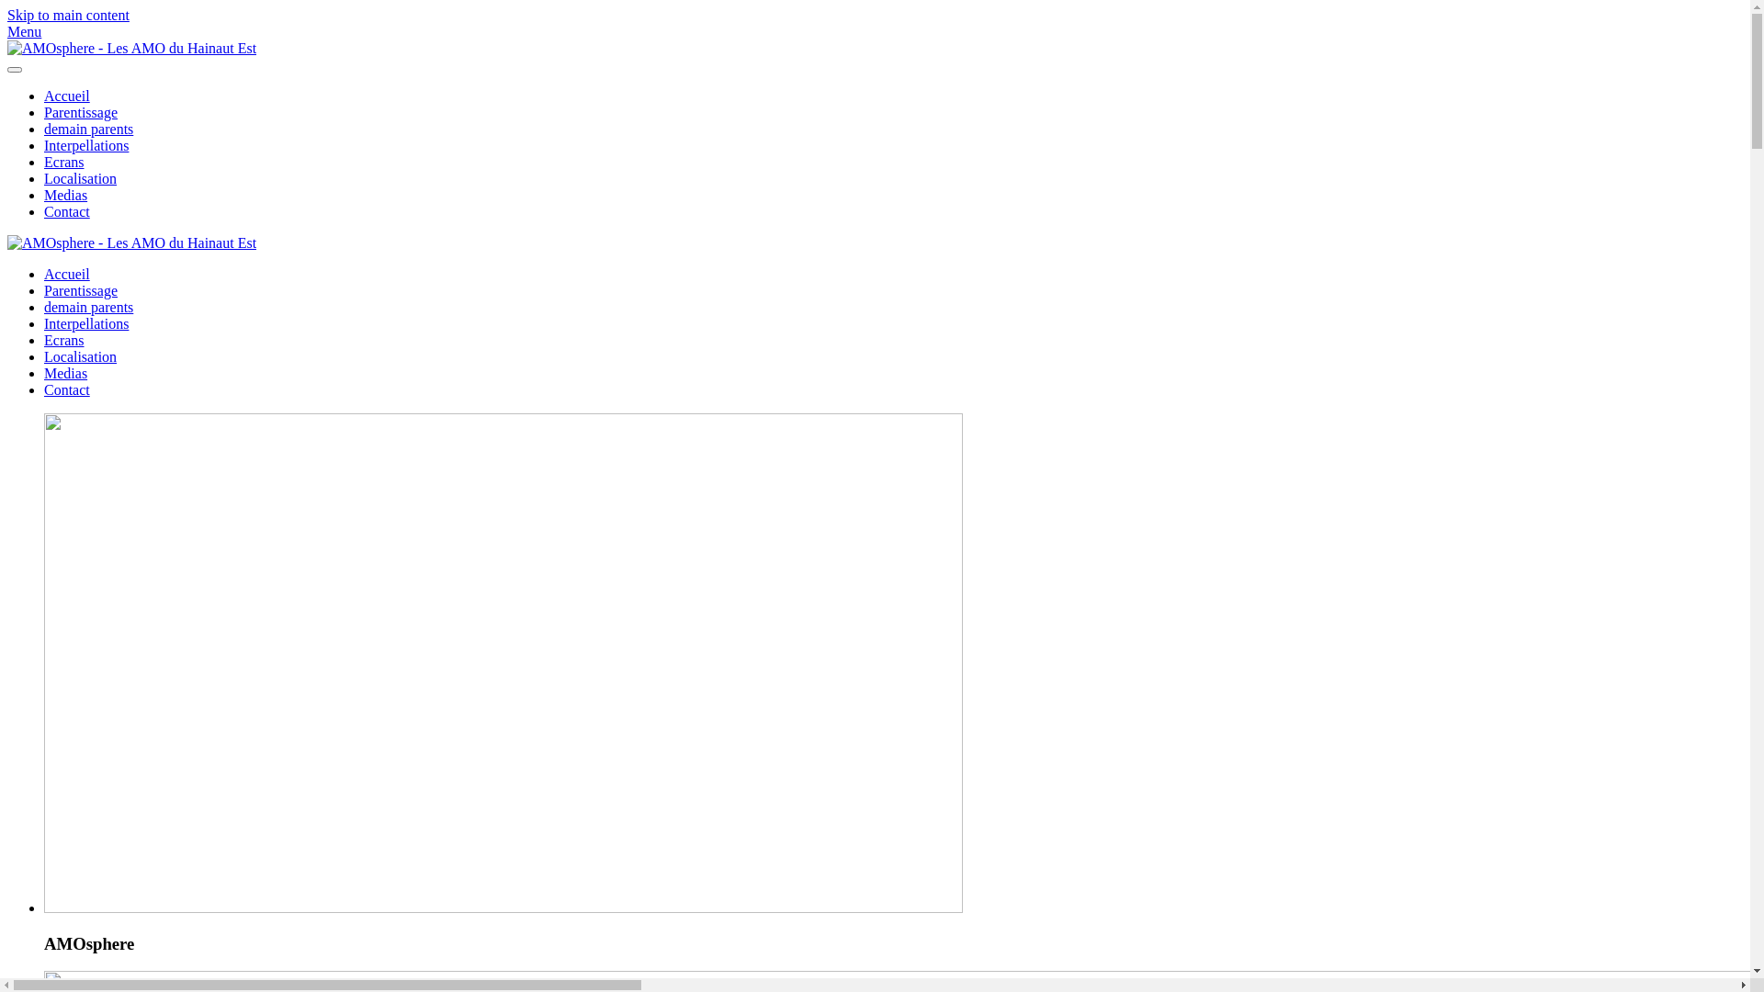  I want to click on 'demain parents', so click(87, 128).